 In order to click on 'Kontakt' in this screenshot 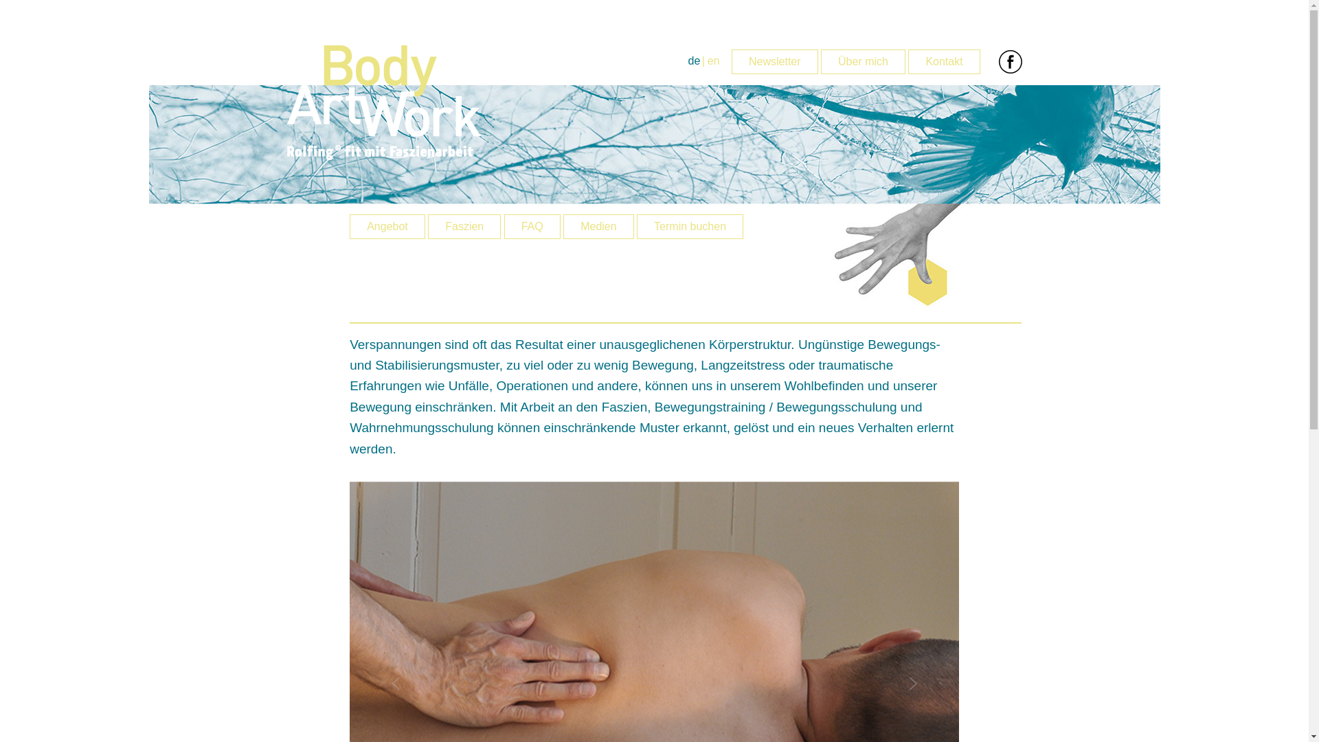, I will do `click(907, 60)`.